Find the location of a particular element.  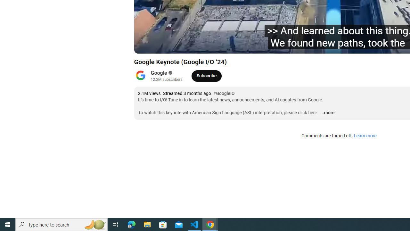

'...more' is located at coordinates (327, 113).